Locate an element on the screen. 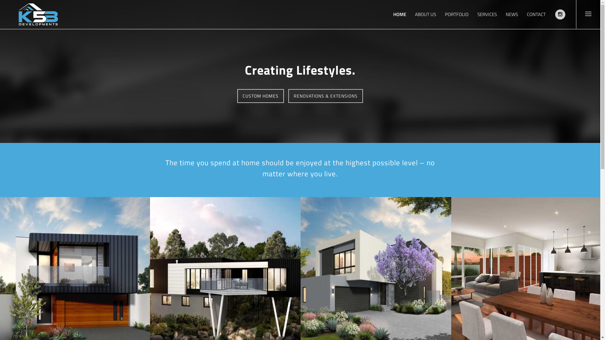  'NEWS' is located at coordinates (512, 14).